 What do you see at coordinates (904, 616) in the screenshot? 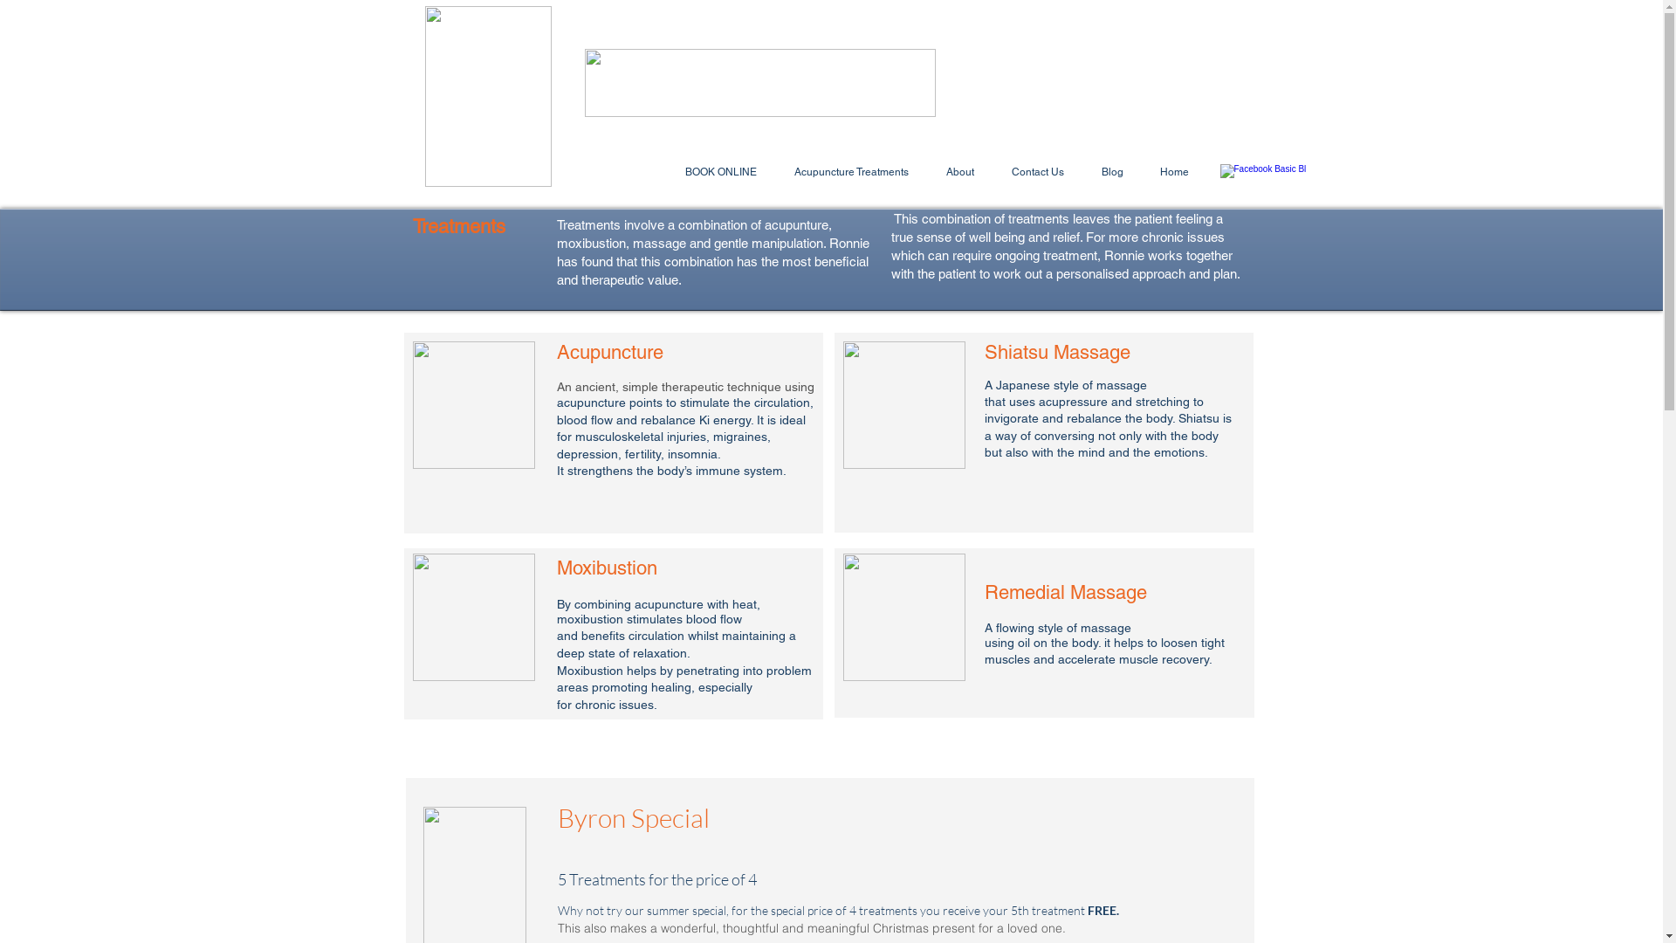
I see `'Natural Herbs'` at bounding box center [904, 616].